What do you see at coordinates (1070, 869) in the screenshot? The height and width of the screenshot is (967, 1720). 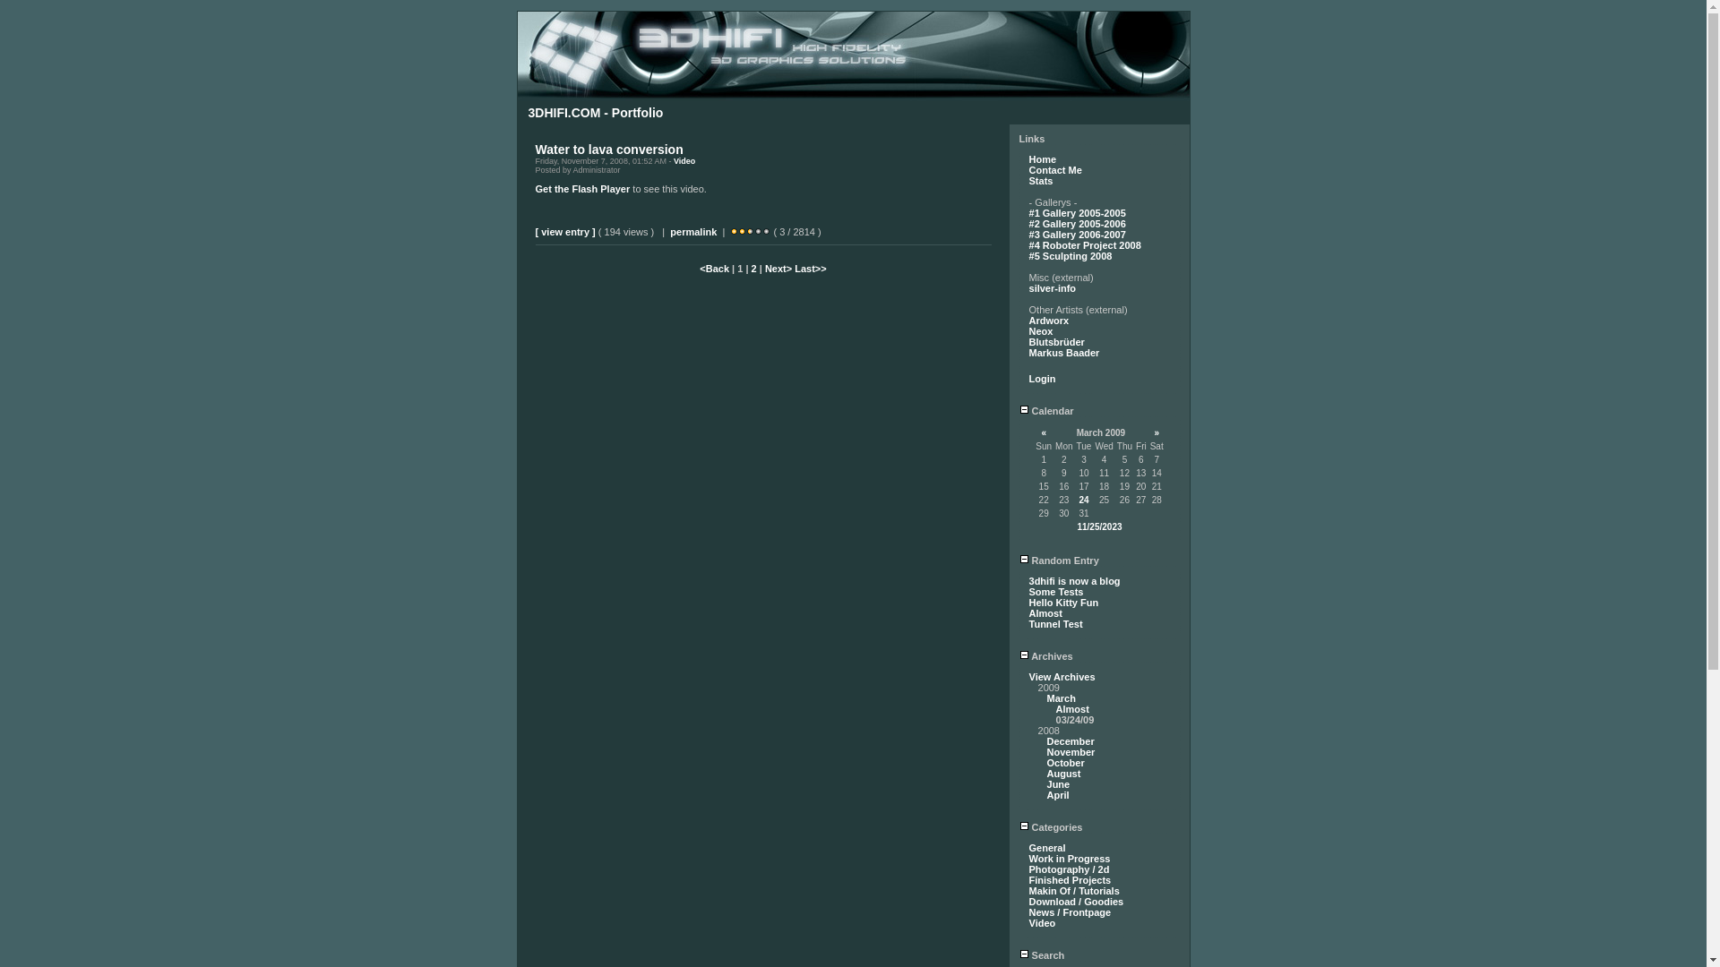 I see `'Photography / 2d'` at bounding box center [1070, 869].